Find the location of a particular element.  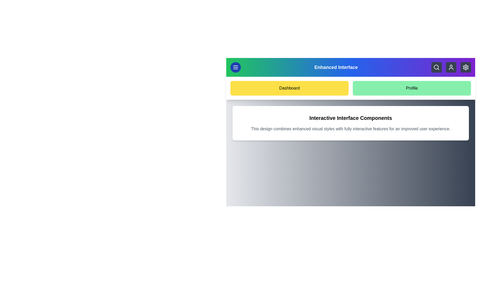

the user icon to access account settings is located at coordinates (451, 67).